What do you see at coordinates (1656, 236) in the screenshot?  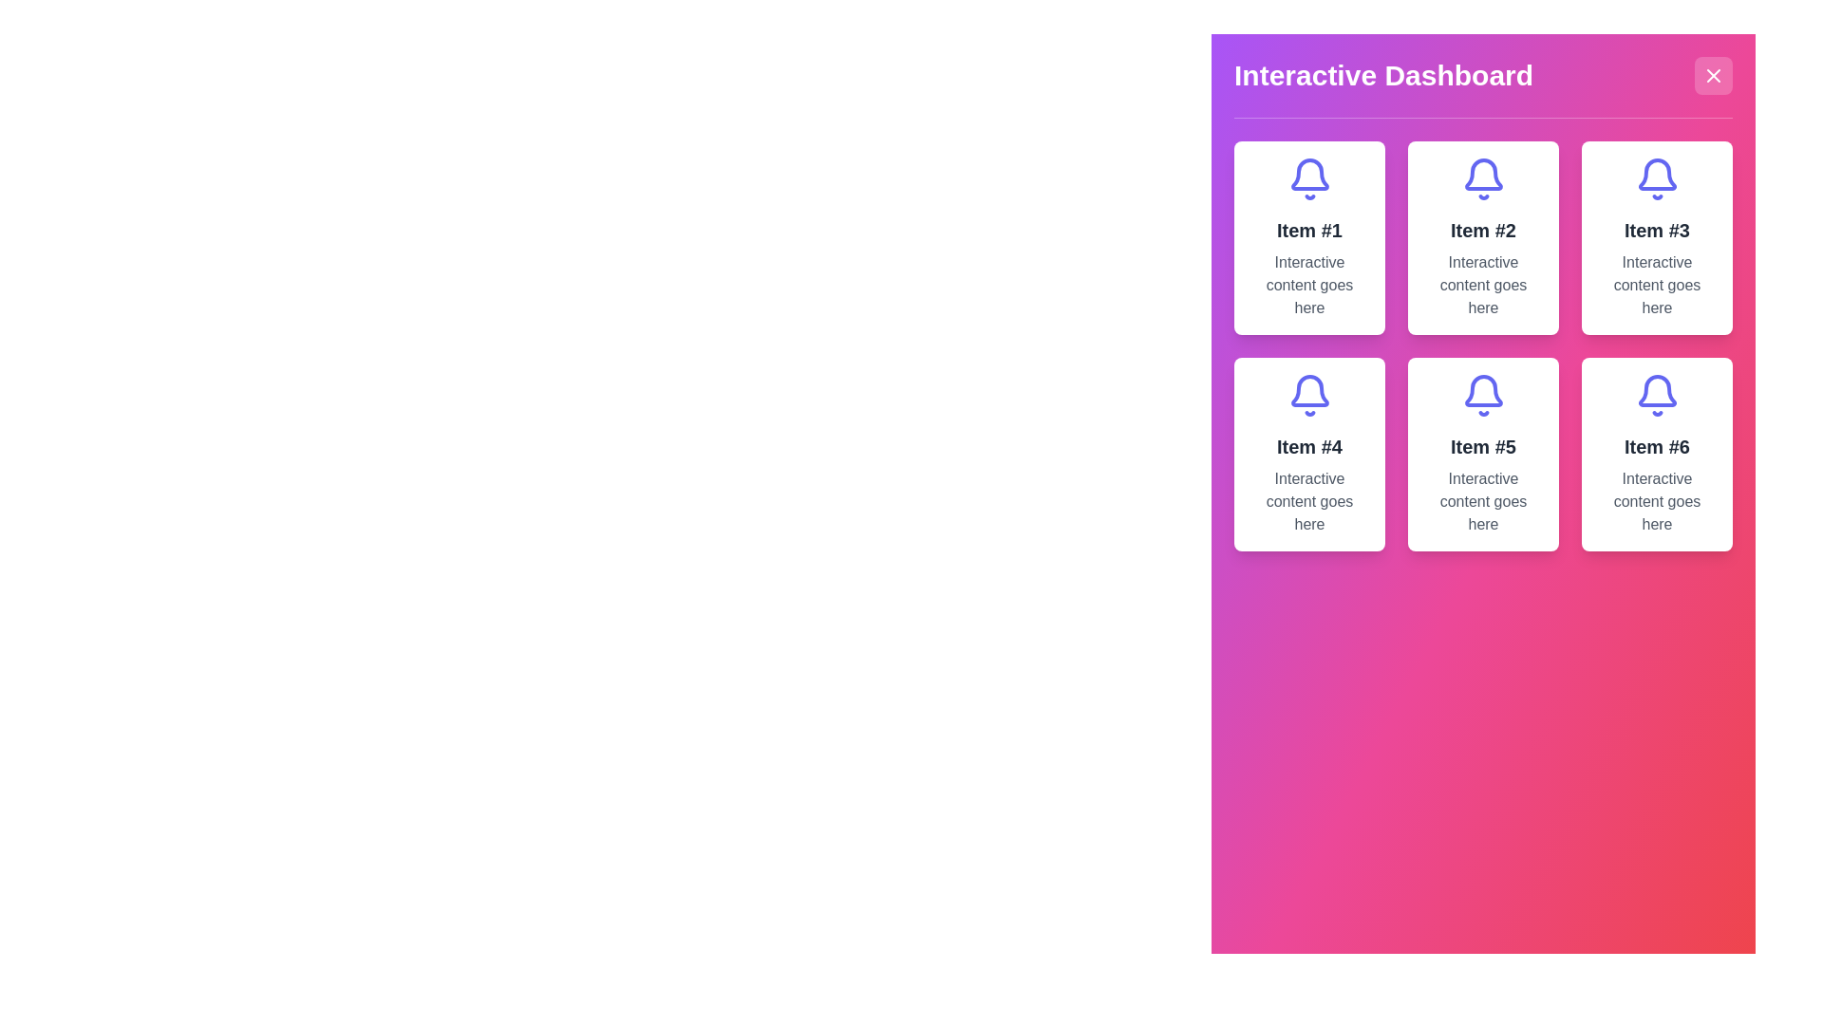 I see `the button titled 'Item #3' which features a bell icon in purple and the text 'Interactive content goes here'. This button is the third card in a 3x2 grid layout` at bounding box center [1656, 236].